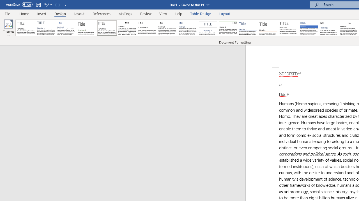 This screenshot has height=201, width=359. What do you see at coordinates (46, 4) in the screenshot?
I see `'Undo Apply Quick Style Set'` at bounding box center [46, 4].